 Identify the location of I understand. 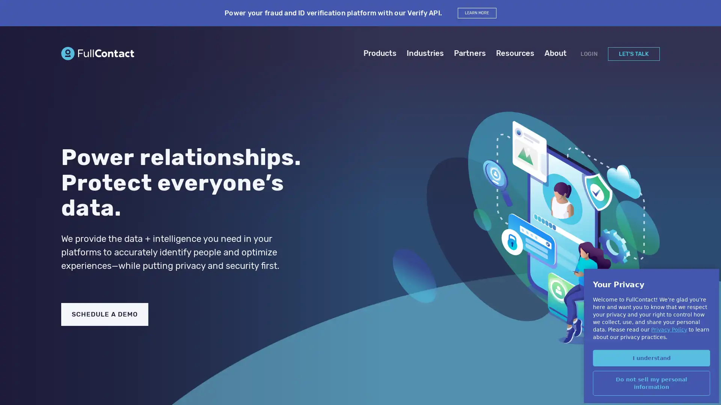
(651, 357).